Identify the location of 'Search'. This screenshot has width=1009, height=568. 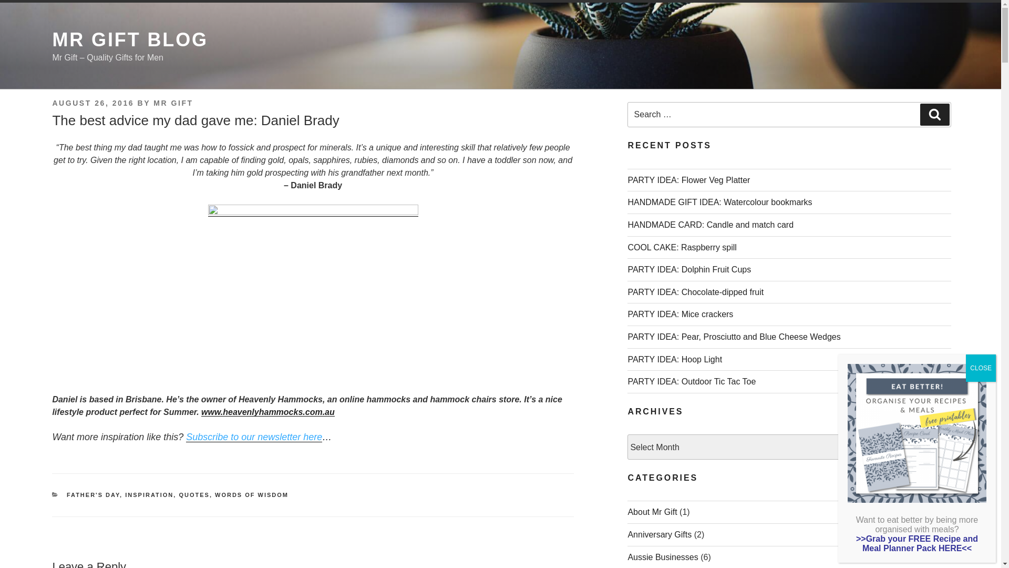
(935, 115).